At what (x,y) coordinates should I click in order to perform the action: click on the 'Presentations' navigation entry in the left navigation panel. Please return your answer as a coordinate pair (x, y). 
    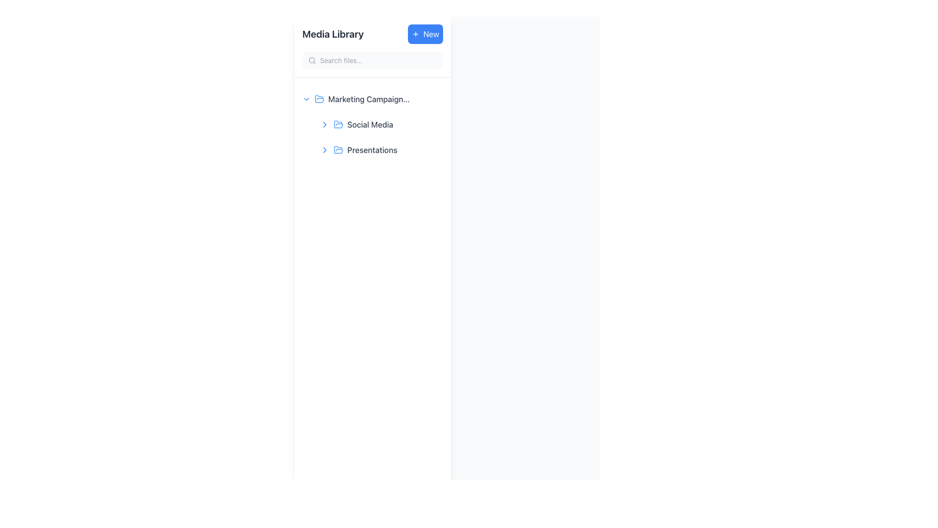
    Looking at the image, I should click on (376, 150).